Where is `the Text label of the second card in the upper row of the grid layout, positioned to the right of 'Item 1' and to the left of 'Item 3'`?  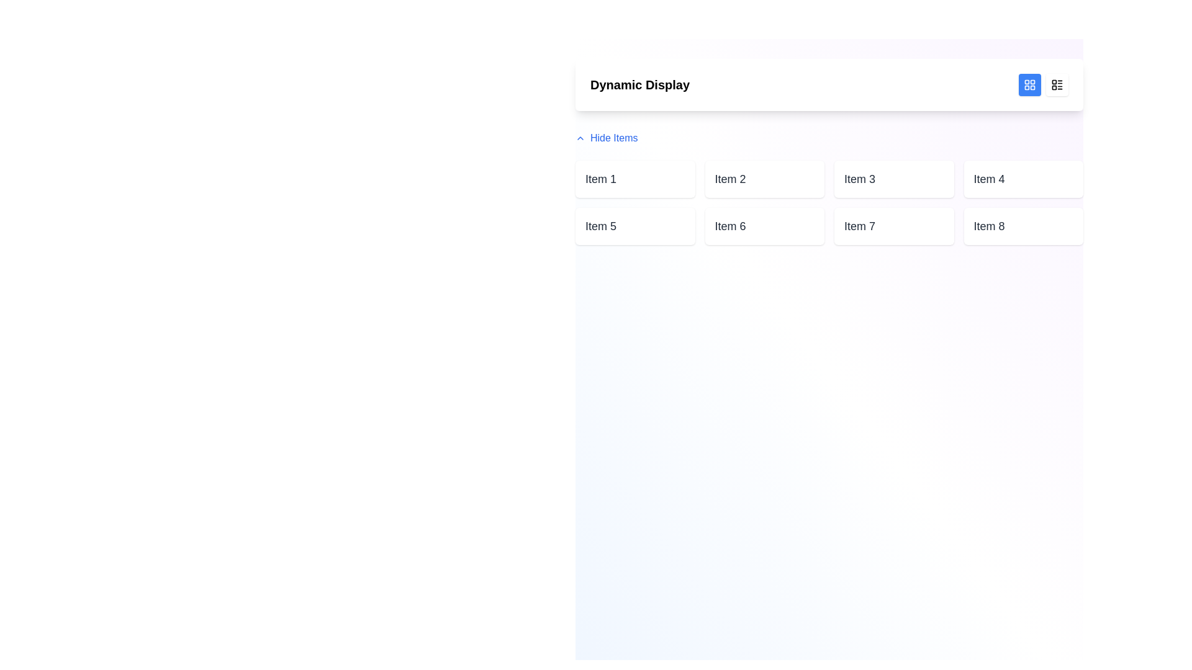 the Text label of the second card in the upper row of the grid layout, positioned to the right of 'Item 1' and to the left of 'Item 3' is located at coordinates (730, 179).